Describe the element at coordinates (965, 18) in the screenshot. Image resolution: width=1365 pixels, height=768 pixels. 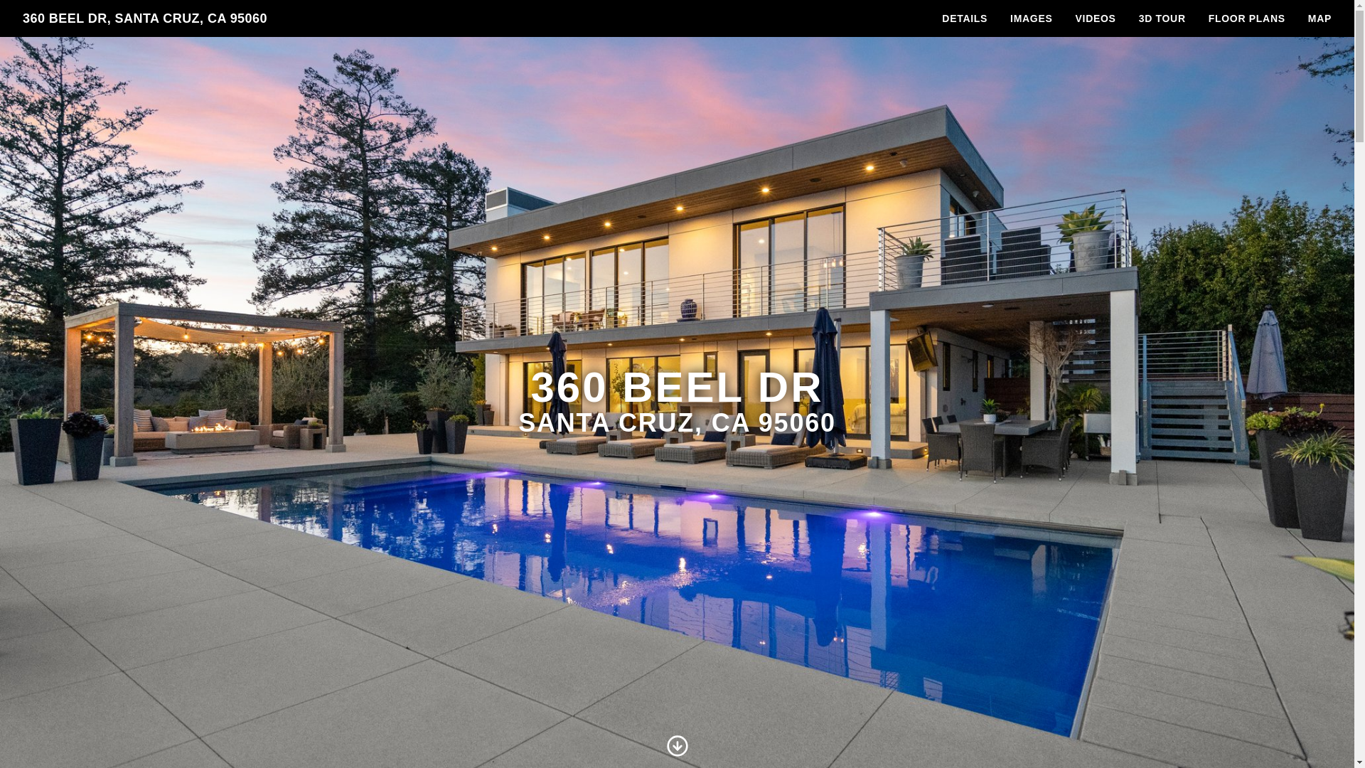
I see `'DETAILS'` at that location.